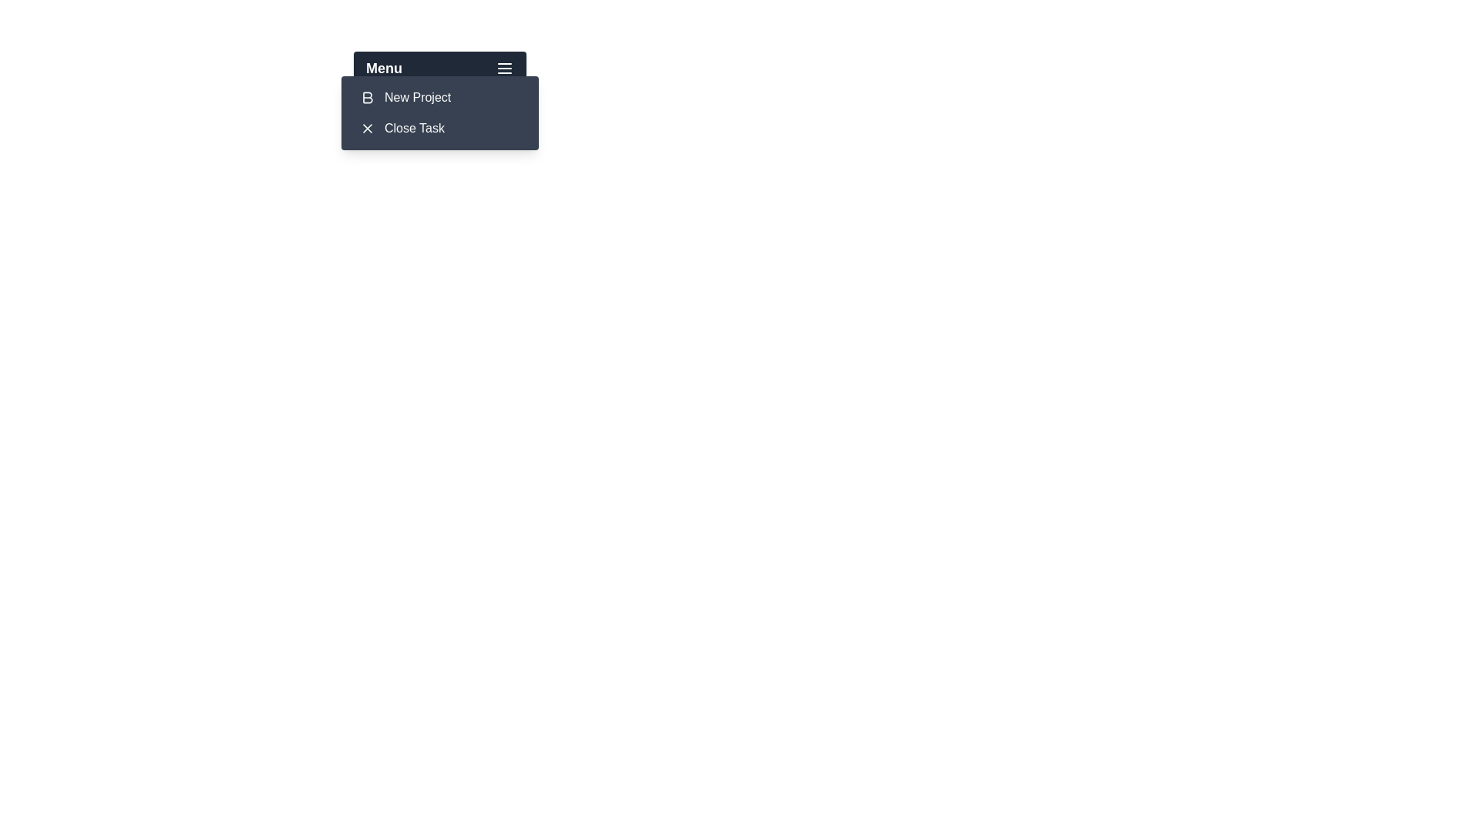 Image resolution: width=1480 pixels, height=832 pixels. What do you see at coordinates (439, 127) in the screenshot?
I see `the 'Close Task' button, which is the second item in the dropdown menu with a dark gray background and light gray text` at bounding box center [439, 127].